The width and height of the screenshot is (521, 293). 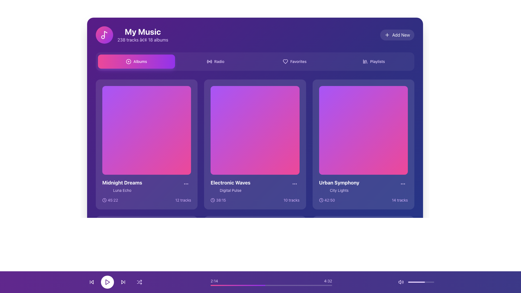 I want to click on the play button located at the bottom of the interface, between the rewind and forward buttons, so click(x=107, y=282).